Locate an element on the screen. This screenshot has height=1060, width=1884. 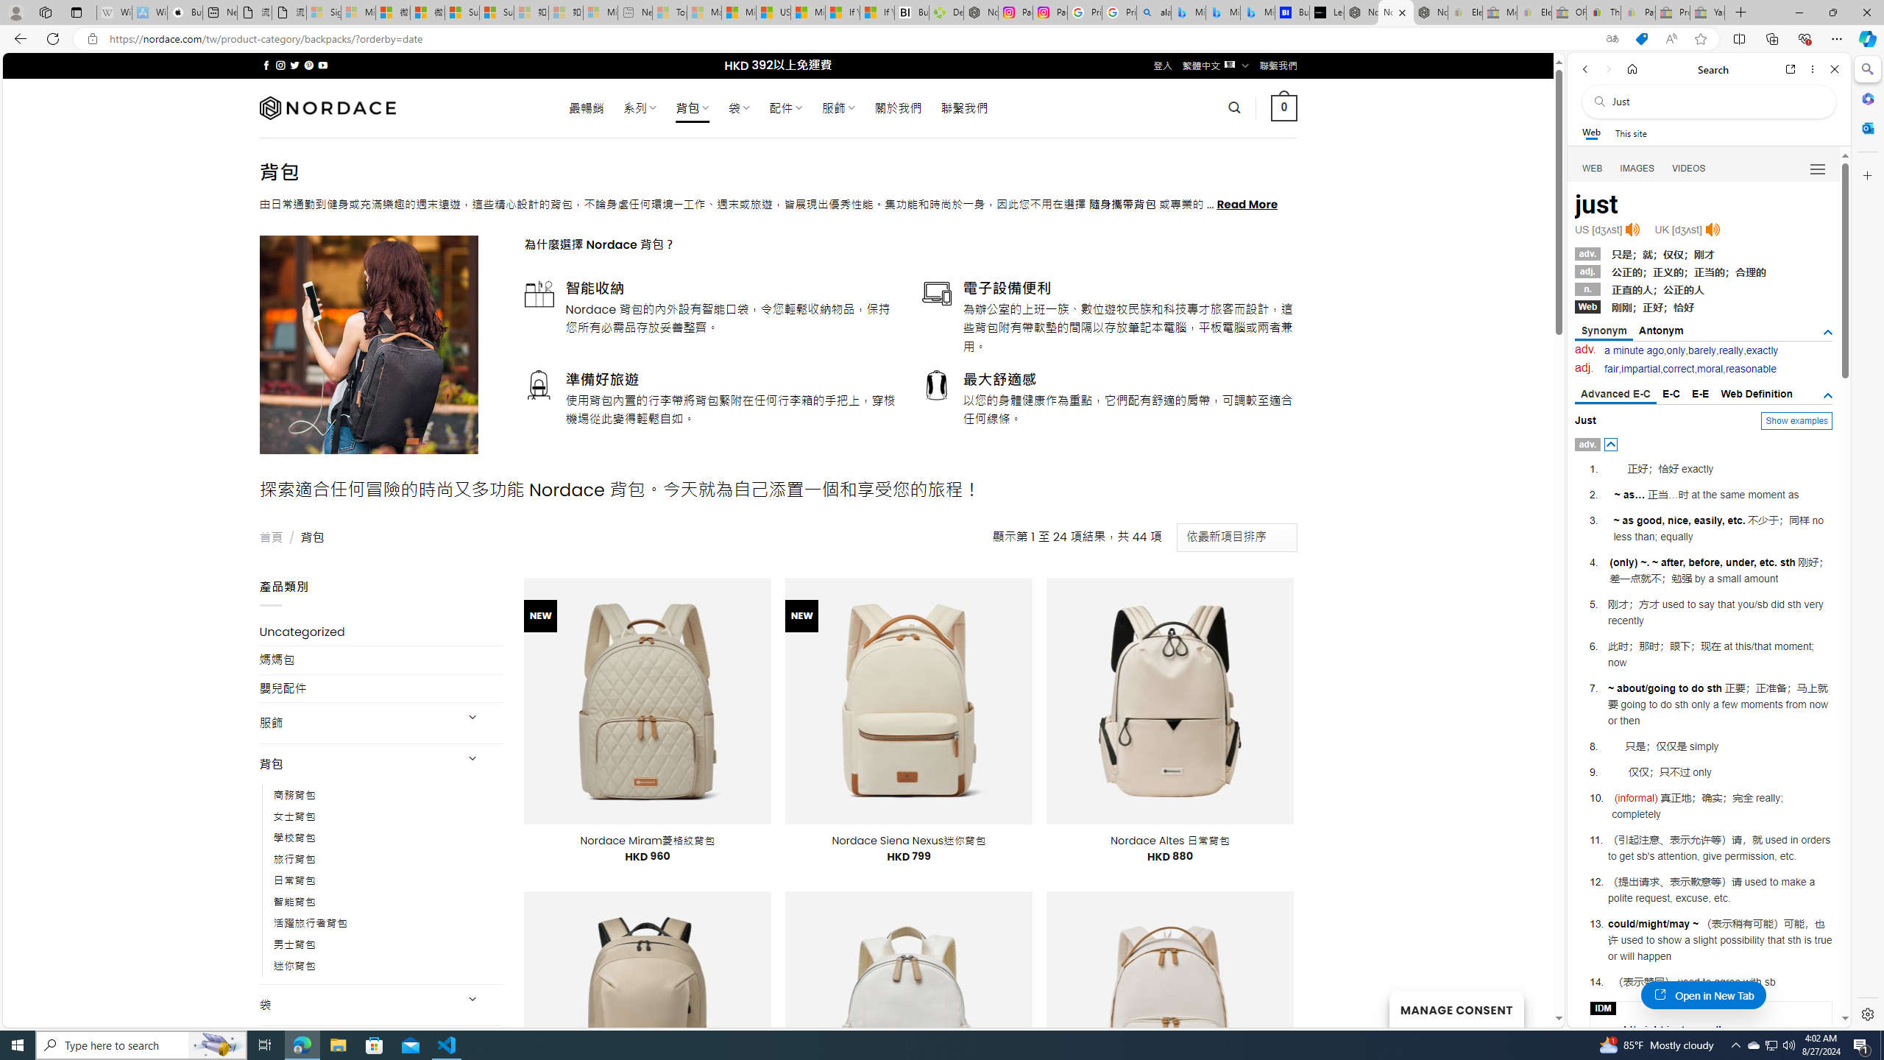
'Marine life - MSN - Sleeping' is located at coordinates (703, 12).